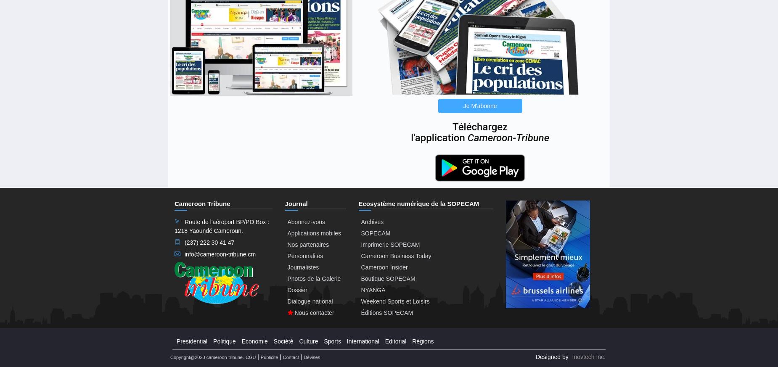  Describe the element at coordinates (387, 312) in the screenshot. I see `'Éditions SOPECAM'` at that location.